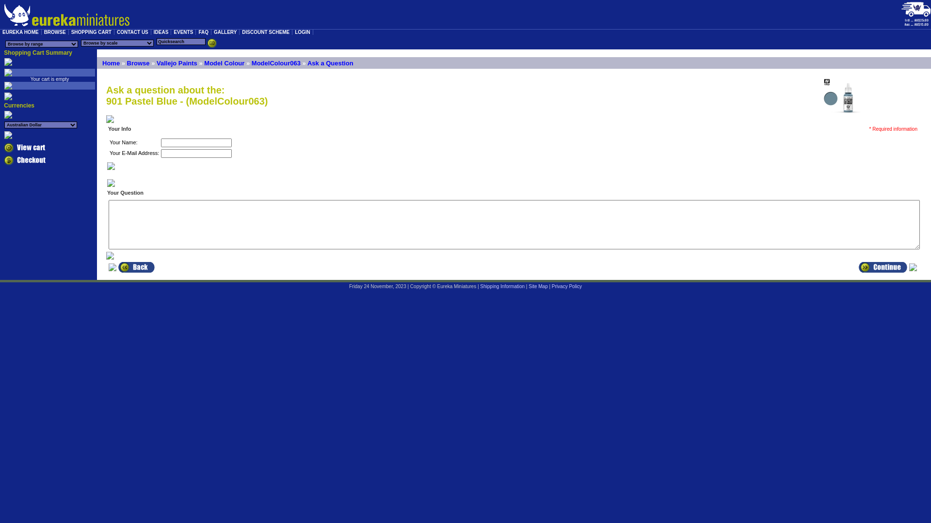  I want to click on 'SHOPPING CART', so click(91, 31).